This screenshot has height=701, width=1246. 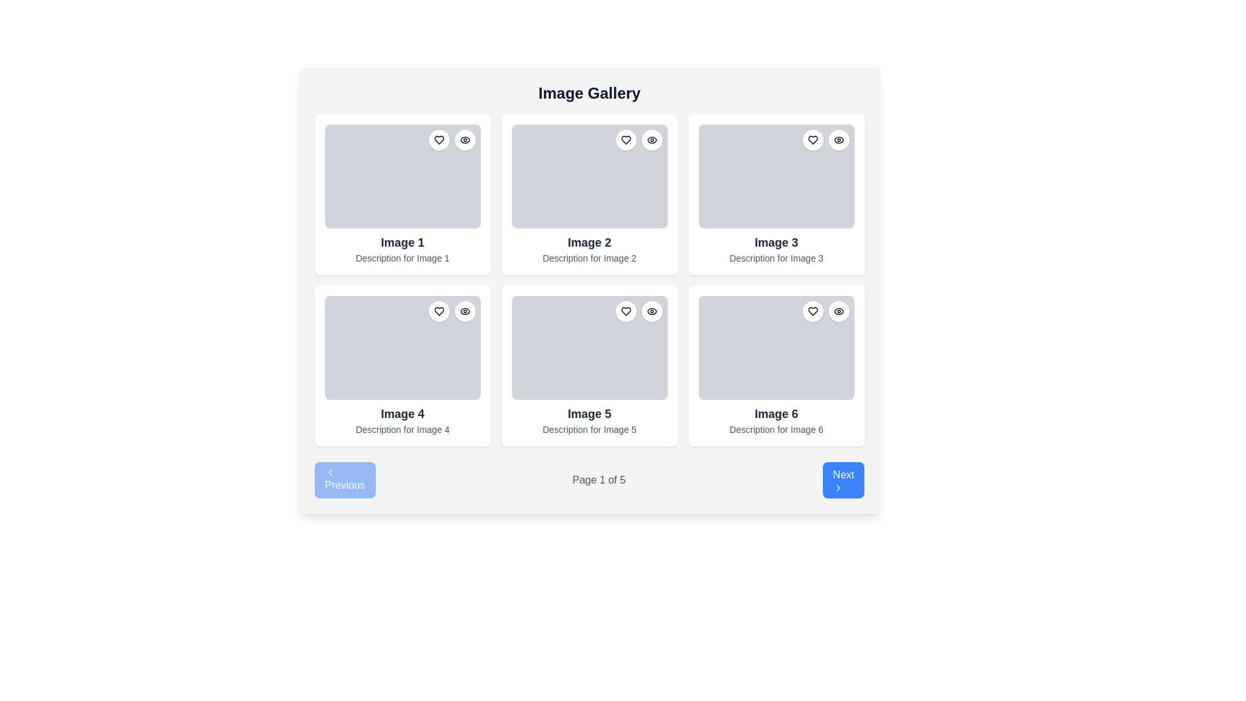 What do you see at coordinates (439, 140) in the screenshot?
I see `the heart icon located at the top-right corner of the first image thumbnail in the gallery to mark the associated item as favorite` at bounding box center [439, 140].